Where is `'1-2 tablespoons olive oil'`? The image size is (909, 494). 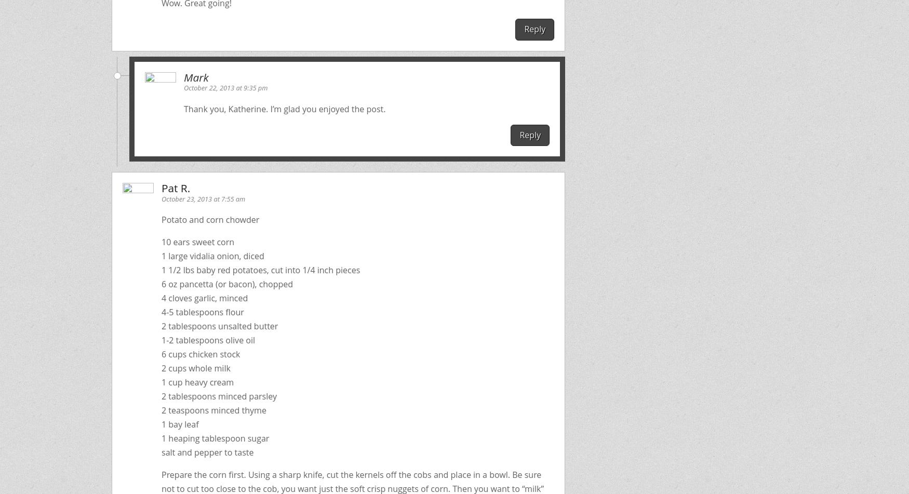 '1-2 tablespoons olive oil' is located at coordinates (207, 339).